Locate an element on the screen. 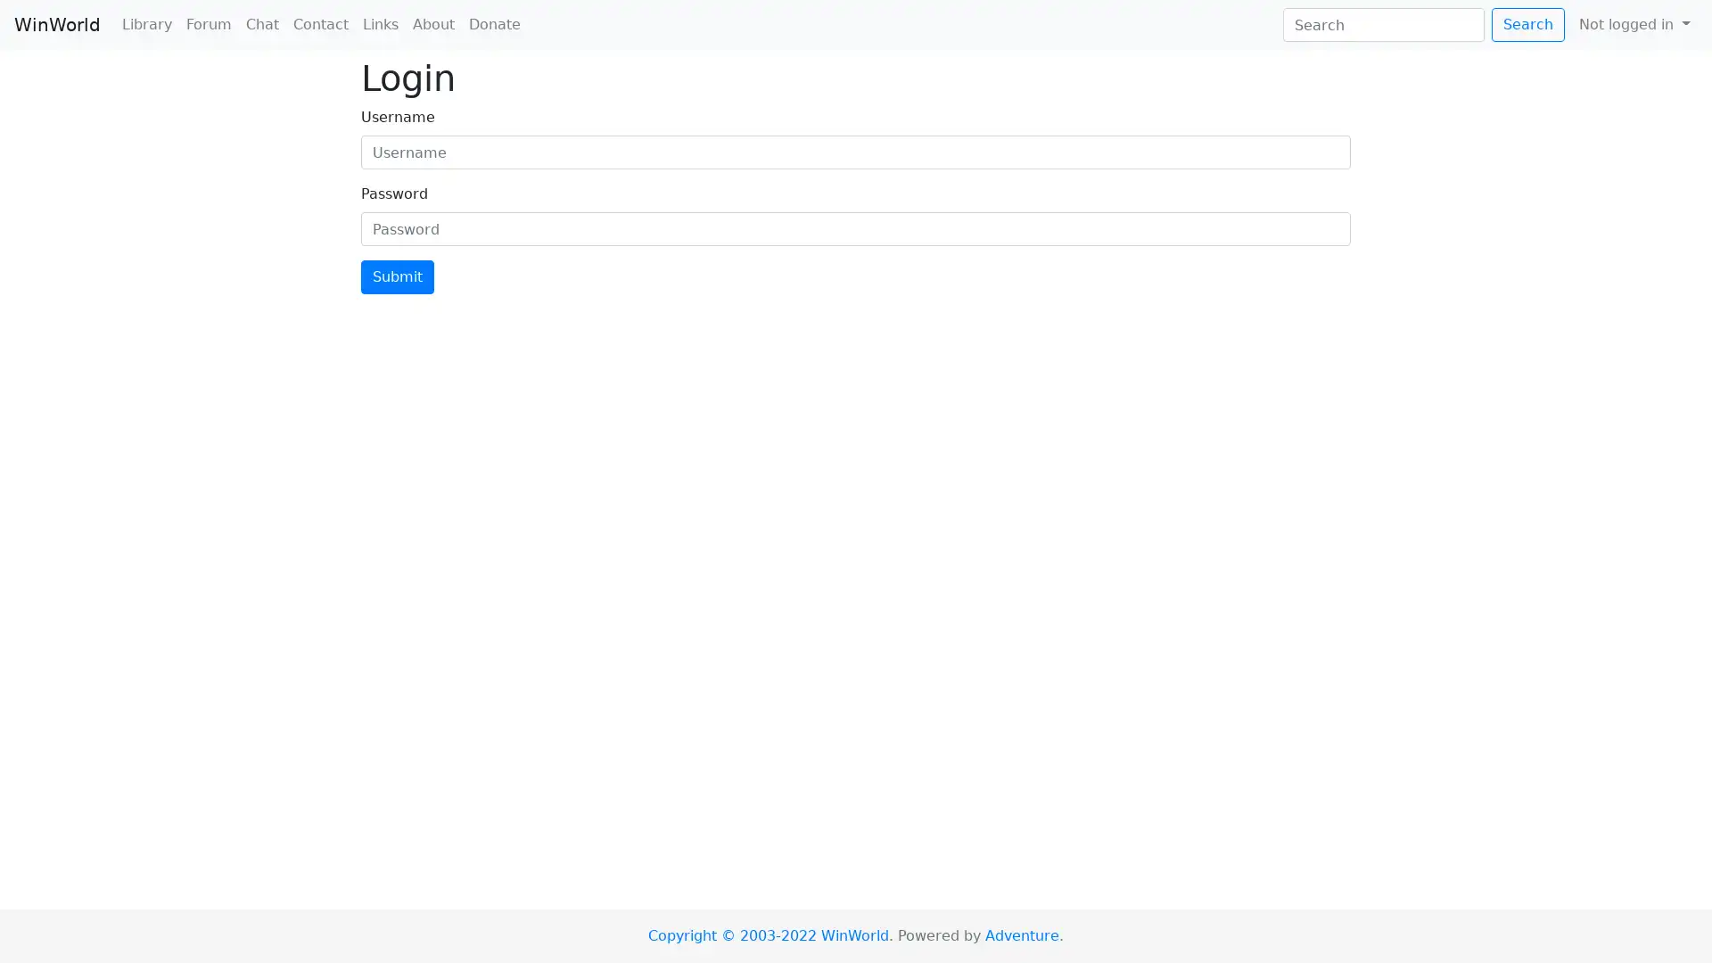 The image size is (1712, 963). Submit is located at coordinates (397, 277).